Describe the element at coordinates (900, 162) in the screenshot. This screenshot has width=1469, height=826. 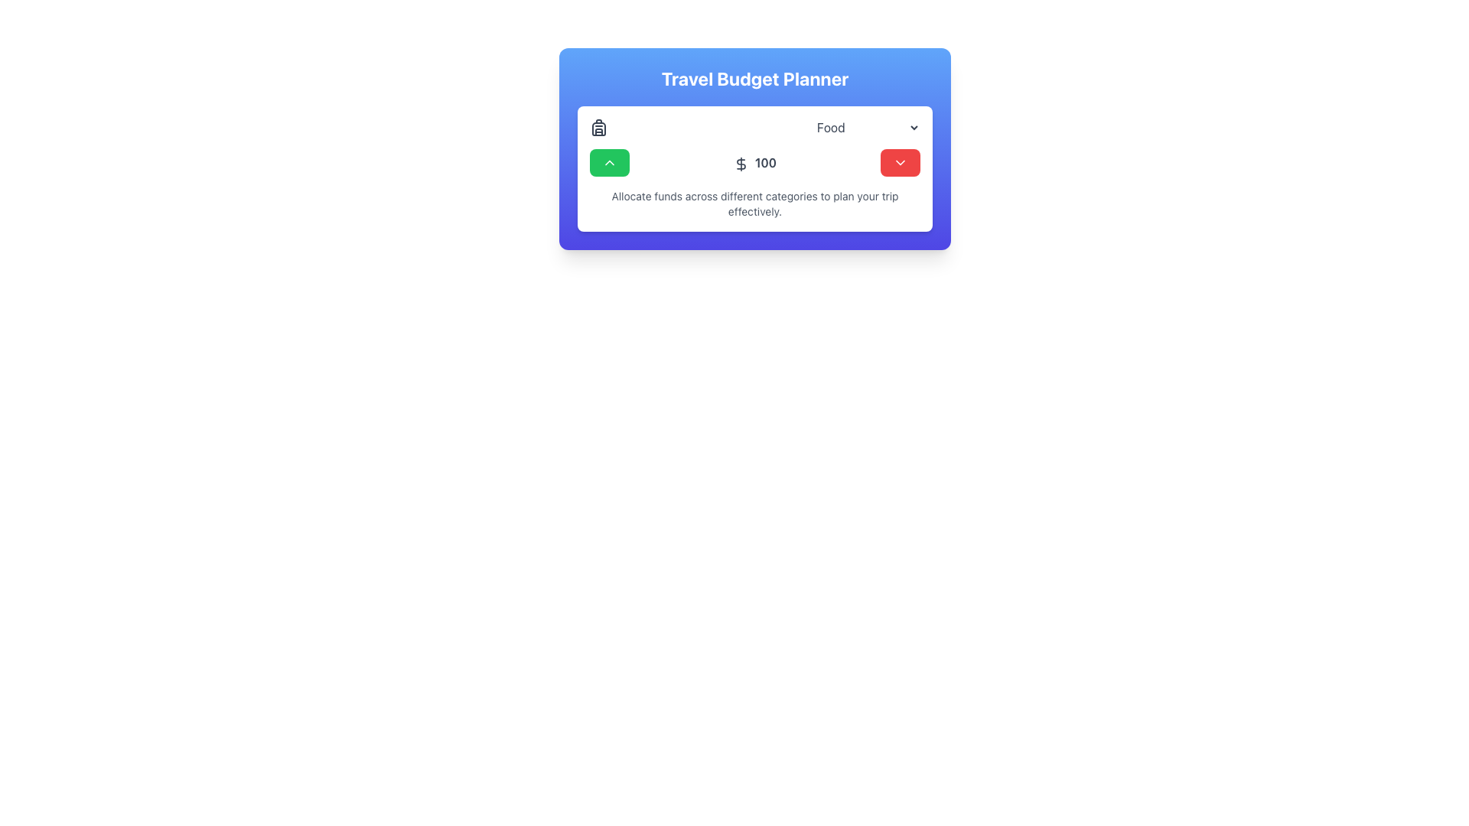
I see `the chevron icon located within the red button on the far right of the interface to interact with the dropdown options` at that location.